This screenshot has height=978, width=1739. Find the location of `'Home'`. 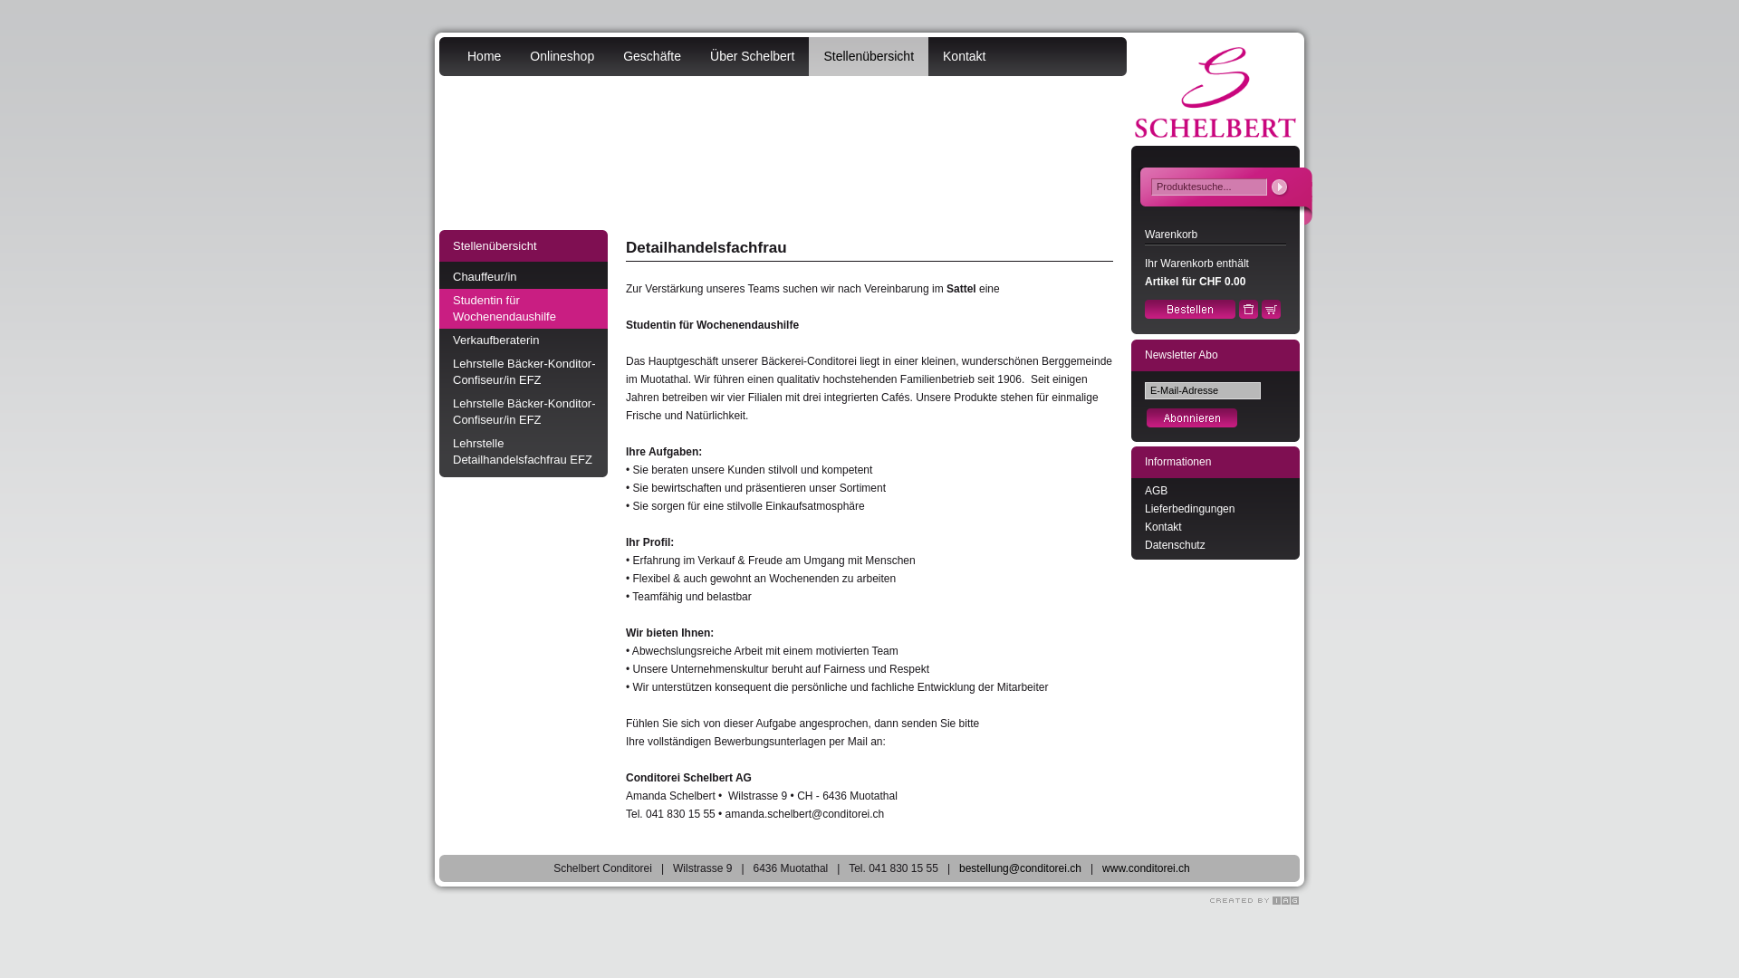

'Home' is located at coordinates (484, 55).